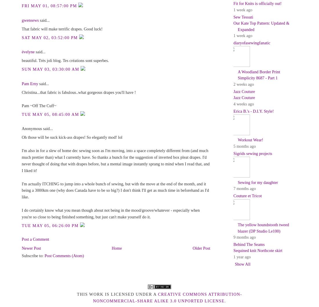 Image resolution: width=319 pixels, height=307 pixels. I want to click on 'Anonymous
said...', so click(37, 128).